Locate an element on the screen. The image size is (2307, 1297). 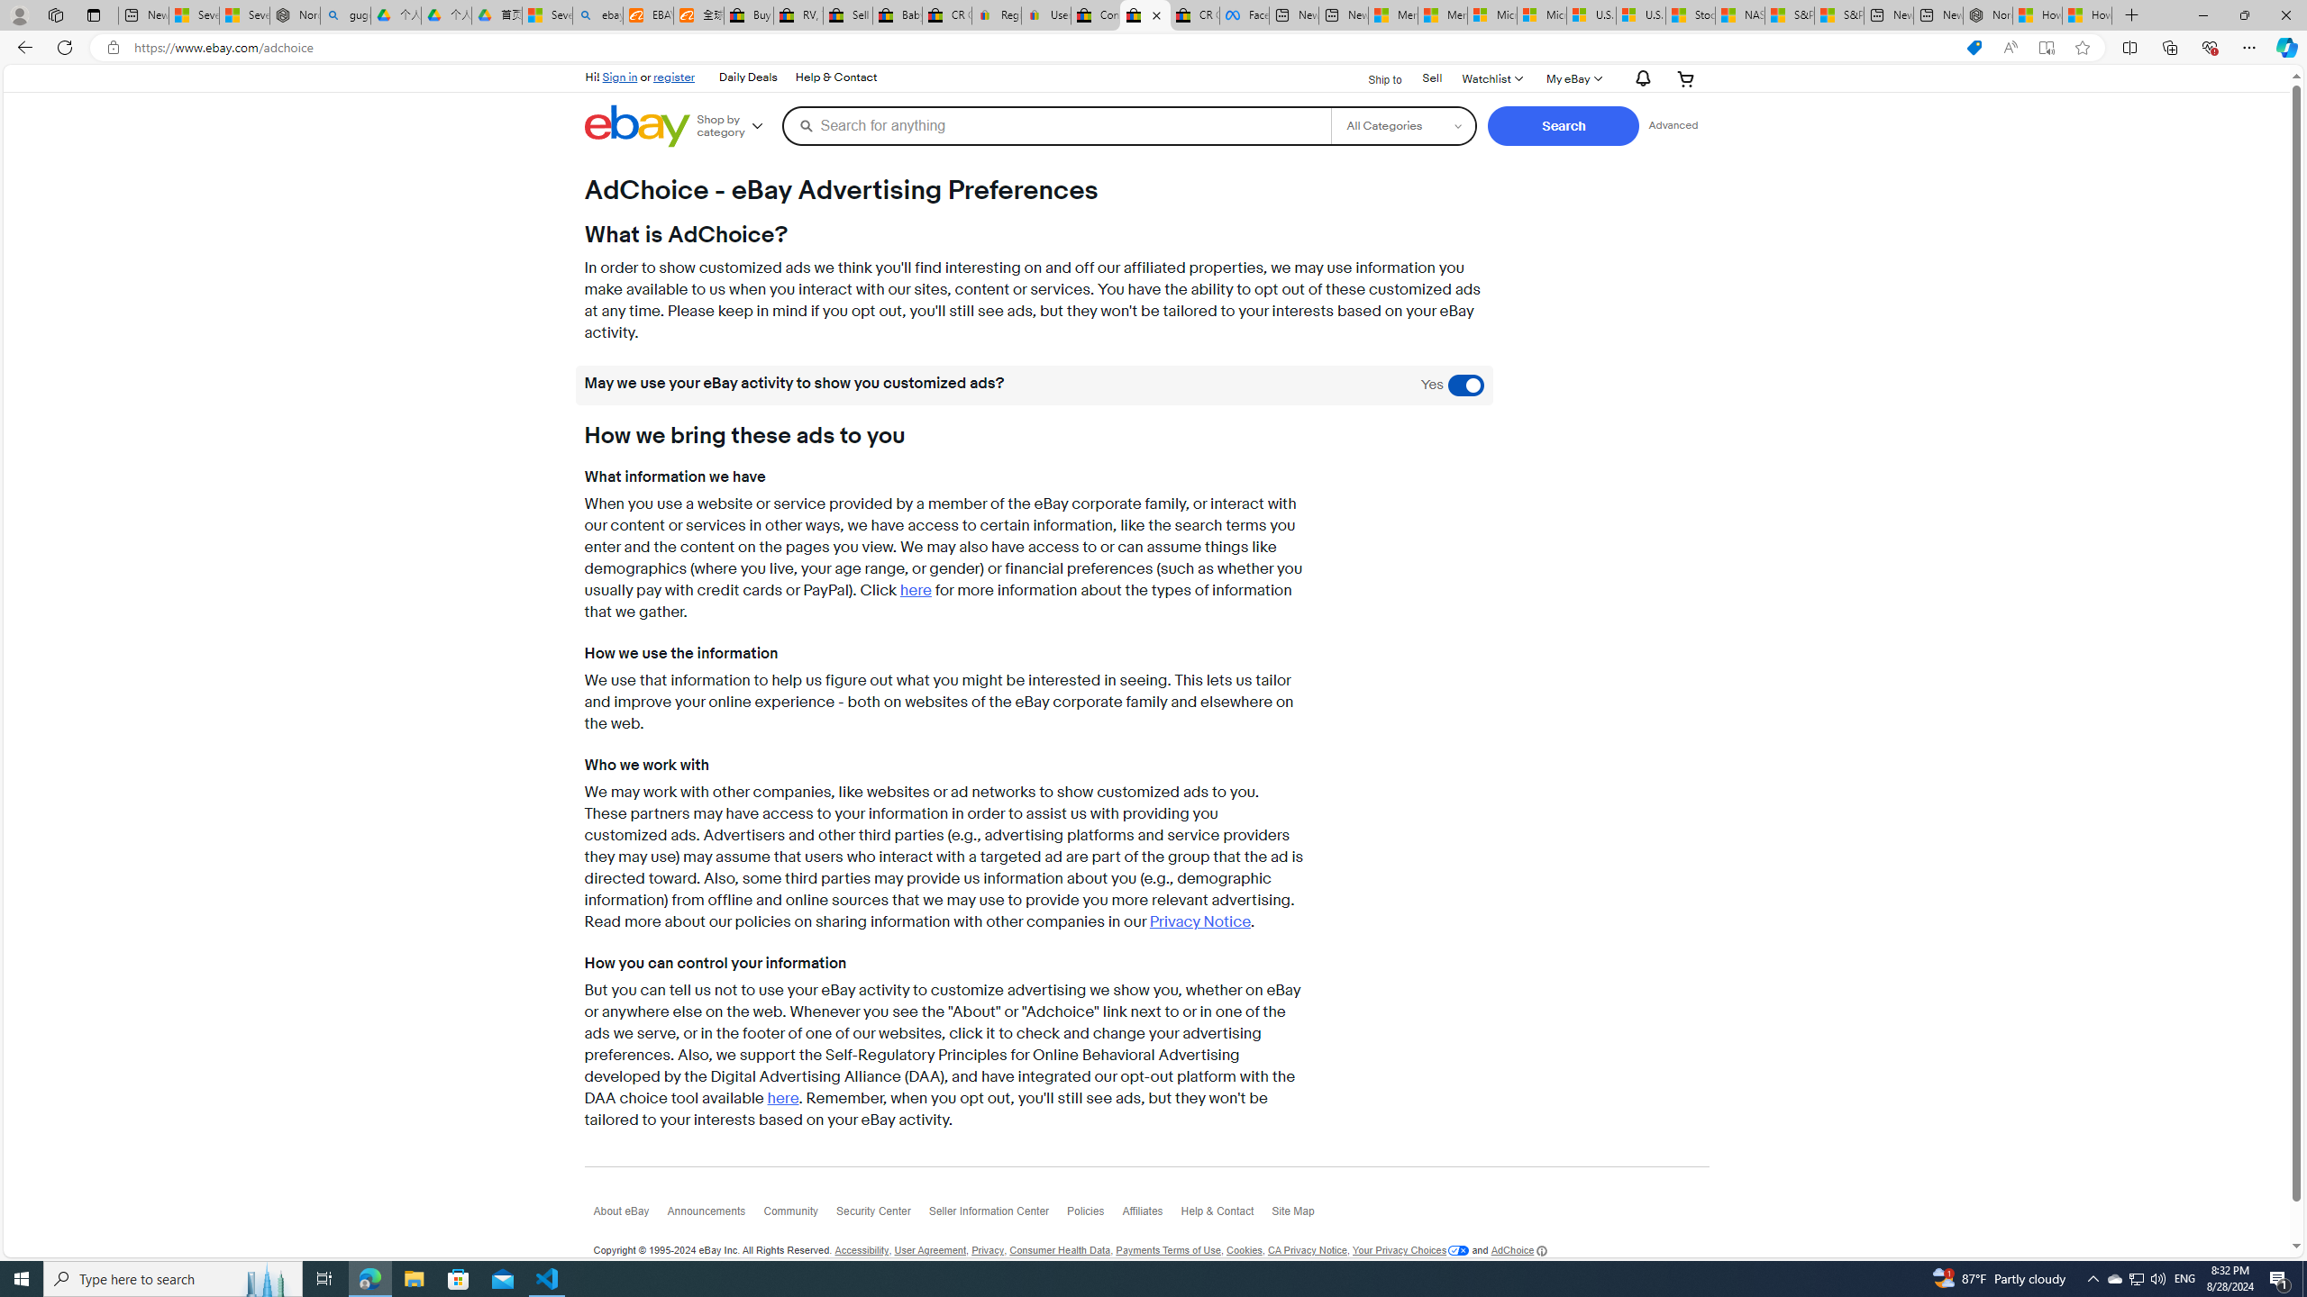
'About eBay' is located at coordinates (628, 1215).